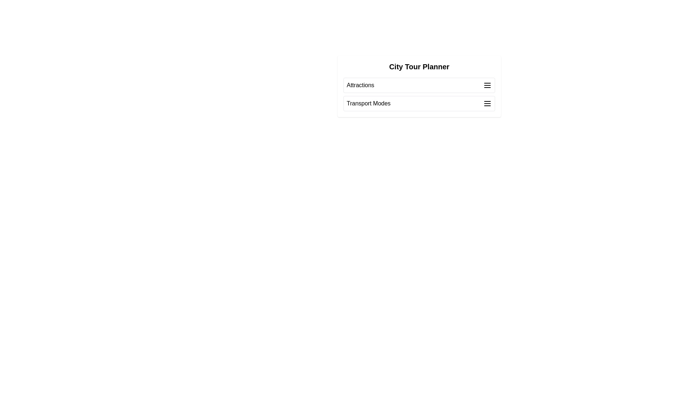 The image size is (700, 394). Describe the element at coordinates (487, 104) in the screenshot. I see `the triple-line menu icon located at the far-right side of the 'Transport Modes' row` at that location.